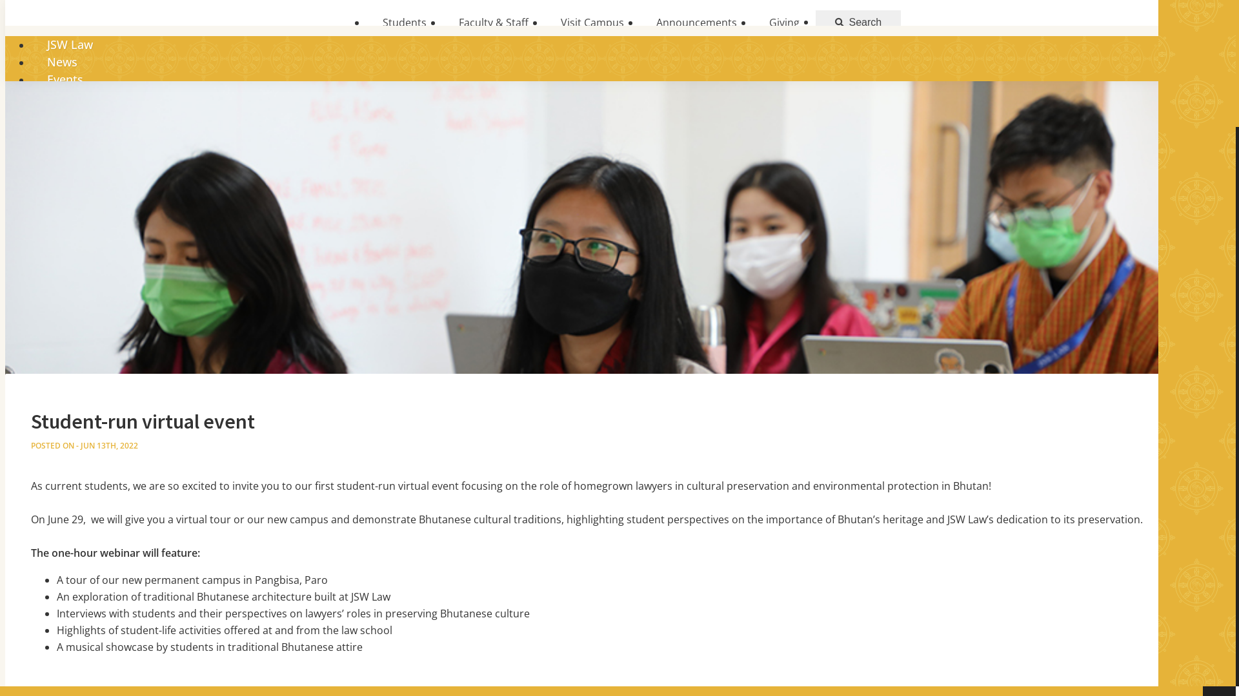 The height and width of the screenshot is (696, 1239). I want to click on 'Events', so click(31, 79).